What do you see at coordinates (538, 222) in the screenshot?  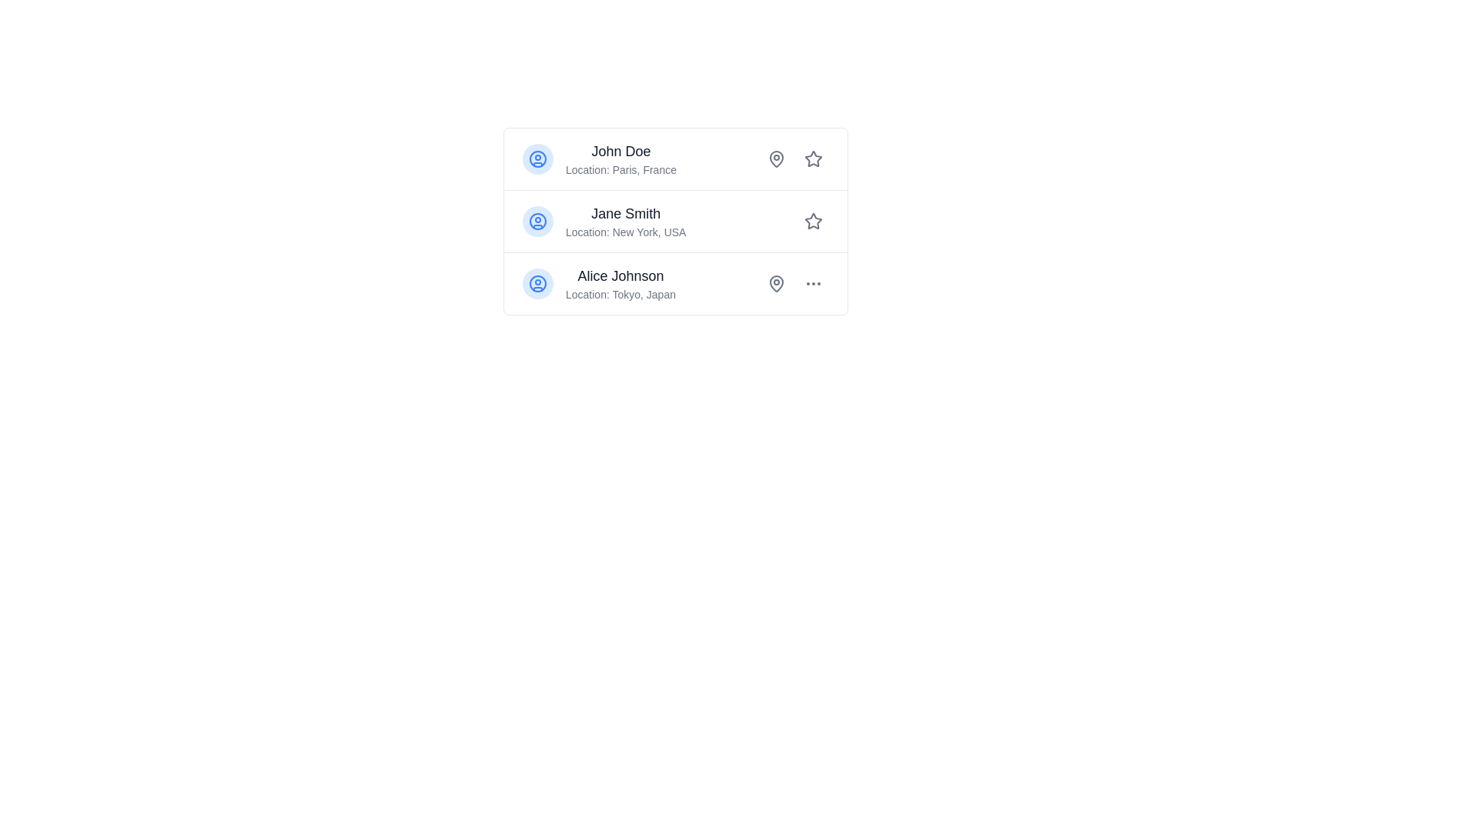 I see `the user profile icon representing 'Jane Smith', positioned in the center-left region of her card` at bounding box center [538, 222].